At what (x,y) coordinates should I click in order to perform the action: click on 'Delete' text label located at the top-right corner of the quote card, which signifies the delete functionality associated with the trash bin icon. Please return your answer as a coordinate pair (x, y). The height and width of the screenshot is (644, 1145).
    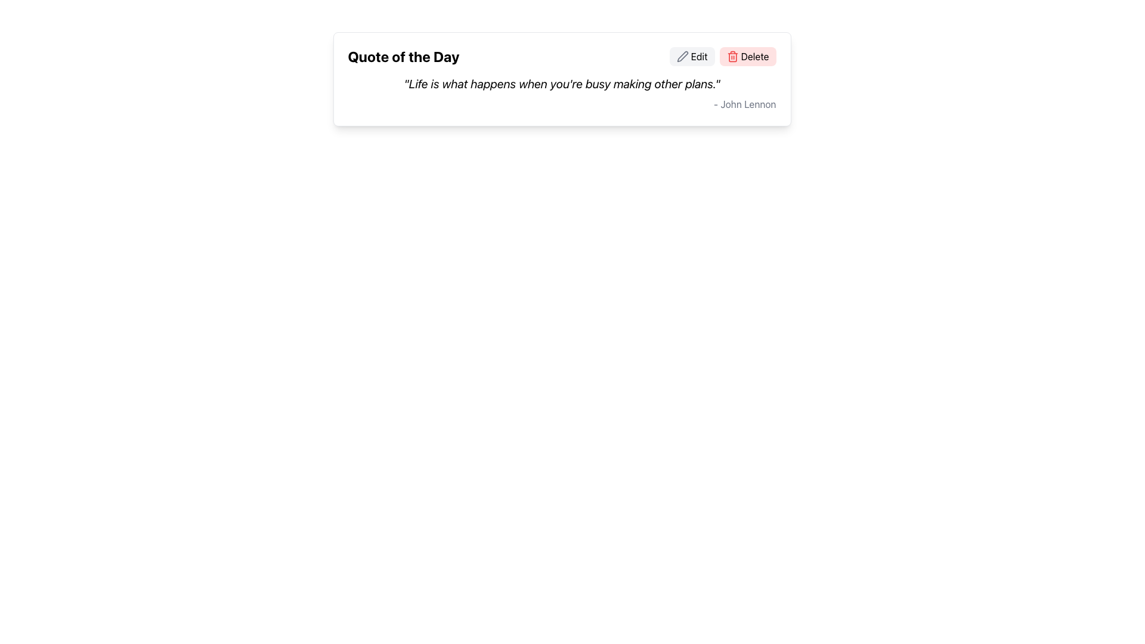
    Looking at the image, I should click on (754, 57).